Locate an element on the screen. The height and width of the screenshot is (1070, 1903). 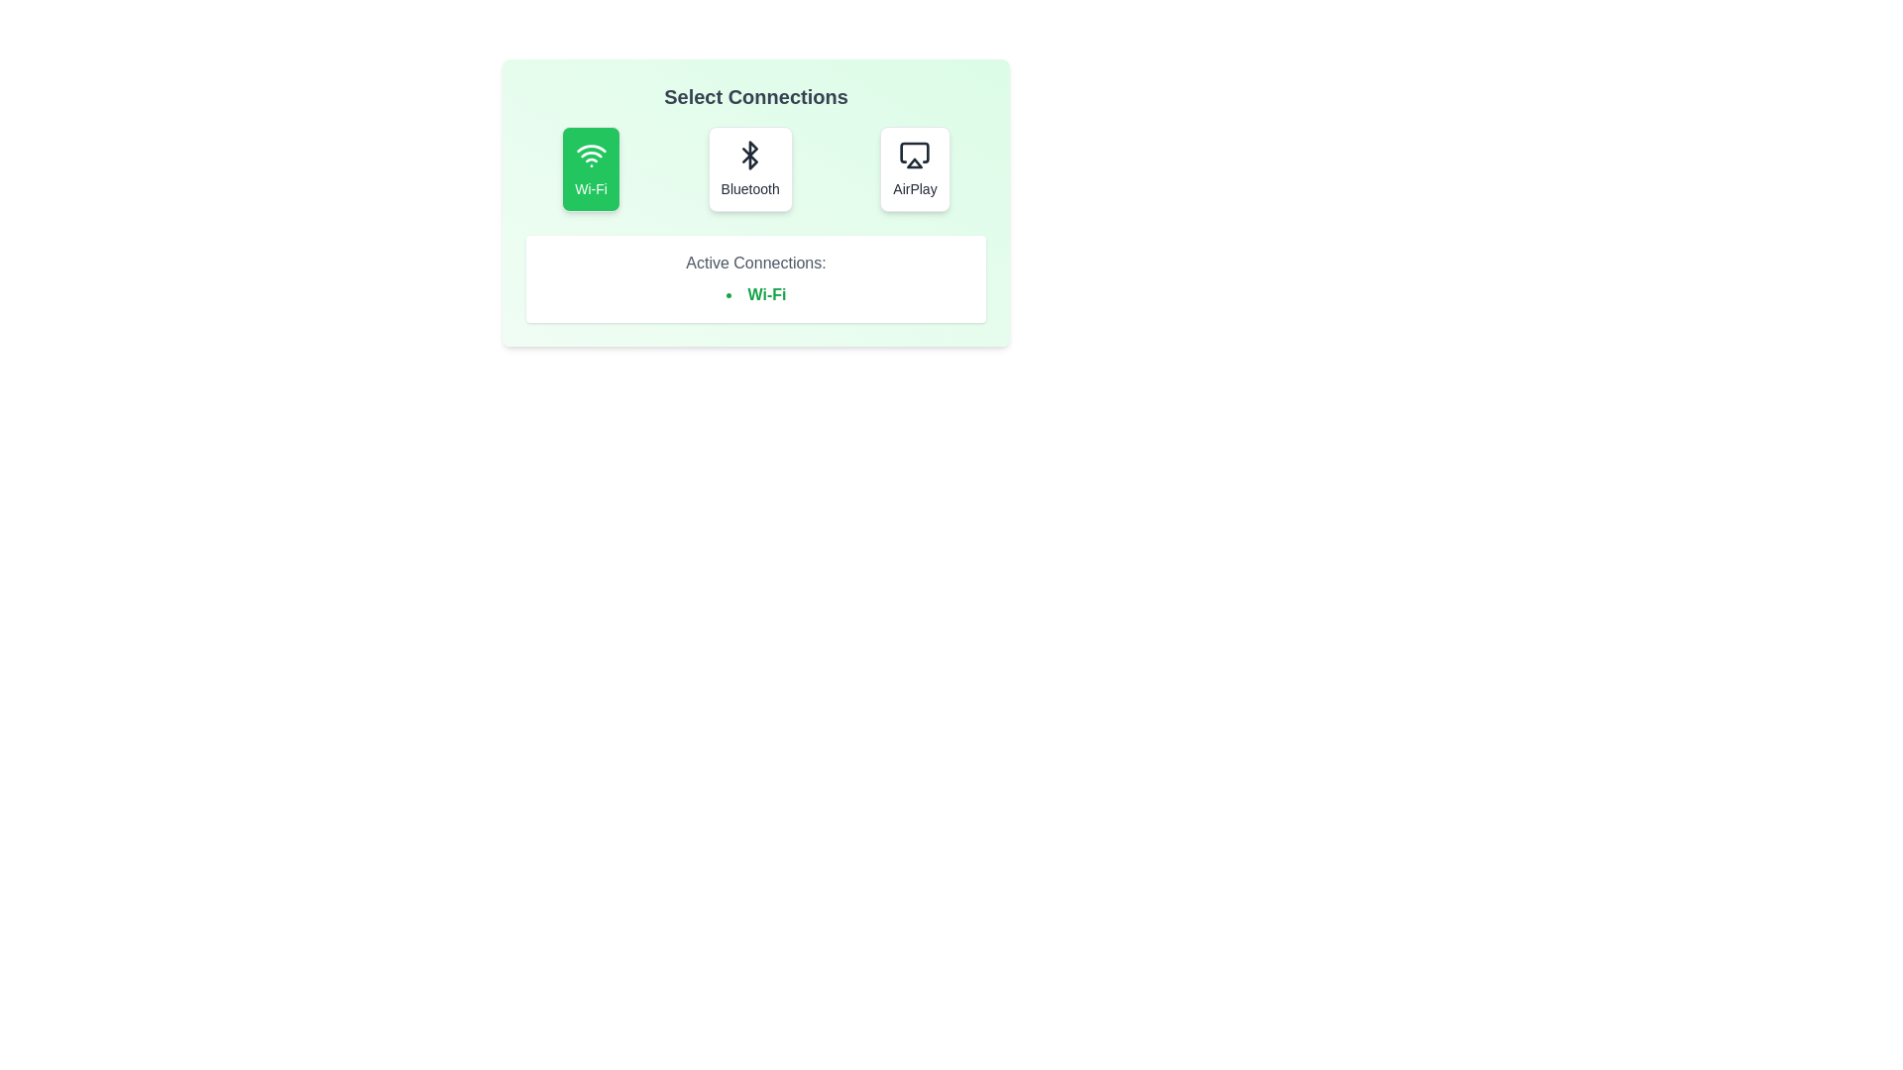
the connection button corresponding to Wi-Fi is located at coordinates (590, 167).